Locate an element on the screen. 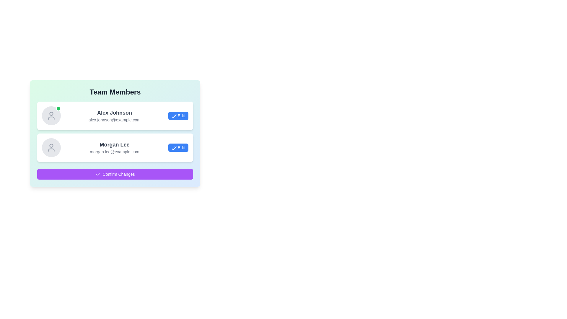  the edit button located in the bottom-right corner of the card representing user 'Morgan Lee' is located at coordinates (178, 147).